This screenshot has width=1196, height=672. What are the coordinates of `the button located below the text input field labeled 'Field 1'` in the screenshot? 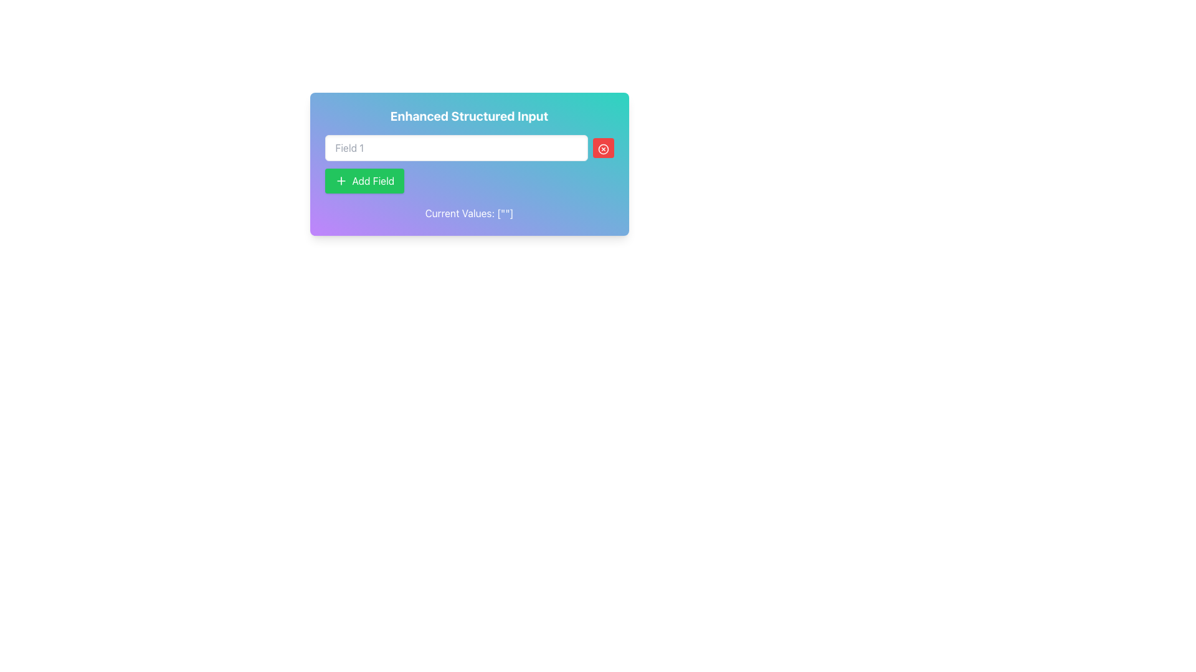 It's located at (364, 180).